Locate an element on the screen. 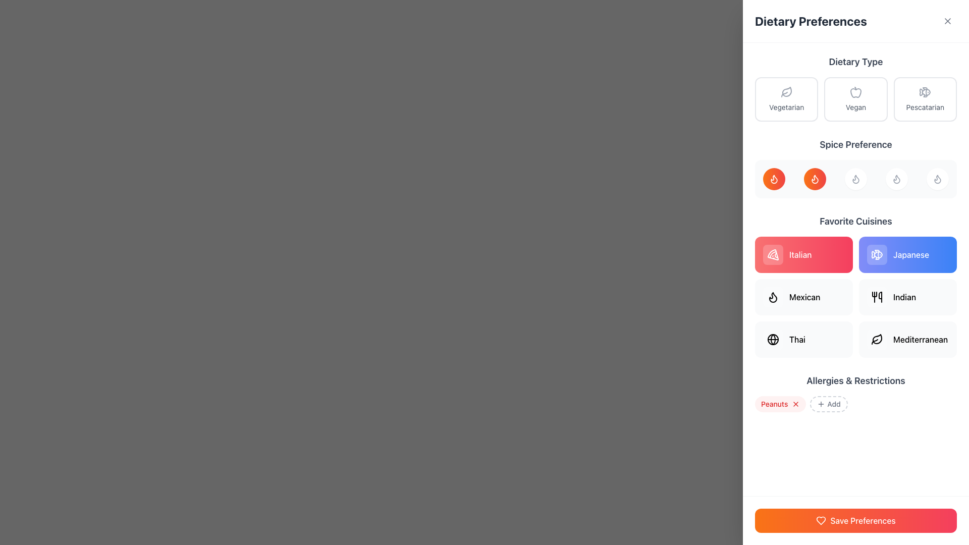 This screenshot has width=969, height=545. the header text label for the 'Allergies & Restrictions' section, which is located between the 'Favorite Cuisines' section and the 'Peanuts' label with an 'Add' button is located at coordinates (855, 381).